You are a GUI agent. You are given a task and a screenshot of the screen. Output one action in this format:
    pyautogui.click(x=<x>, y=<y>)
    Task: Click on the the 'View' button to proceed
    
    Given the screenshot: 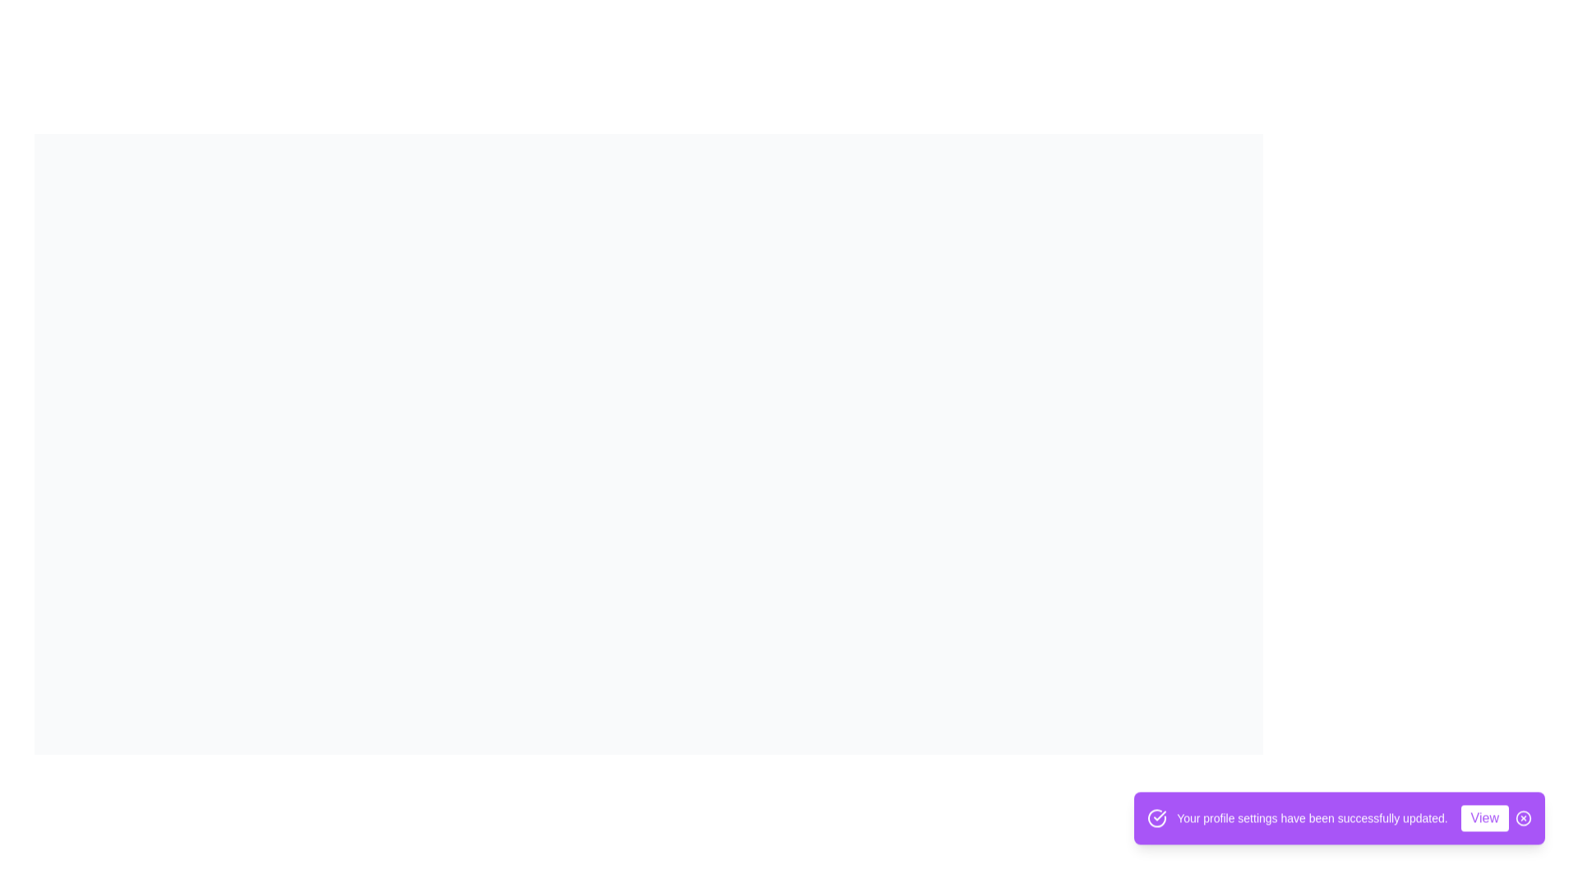 What is the action you would take?
    pyautogui.click(x=1484, y=824)
    